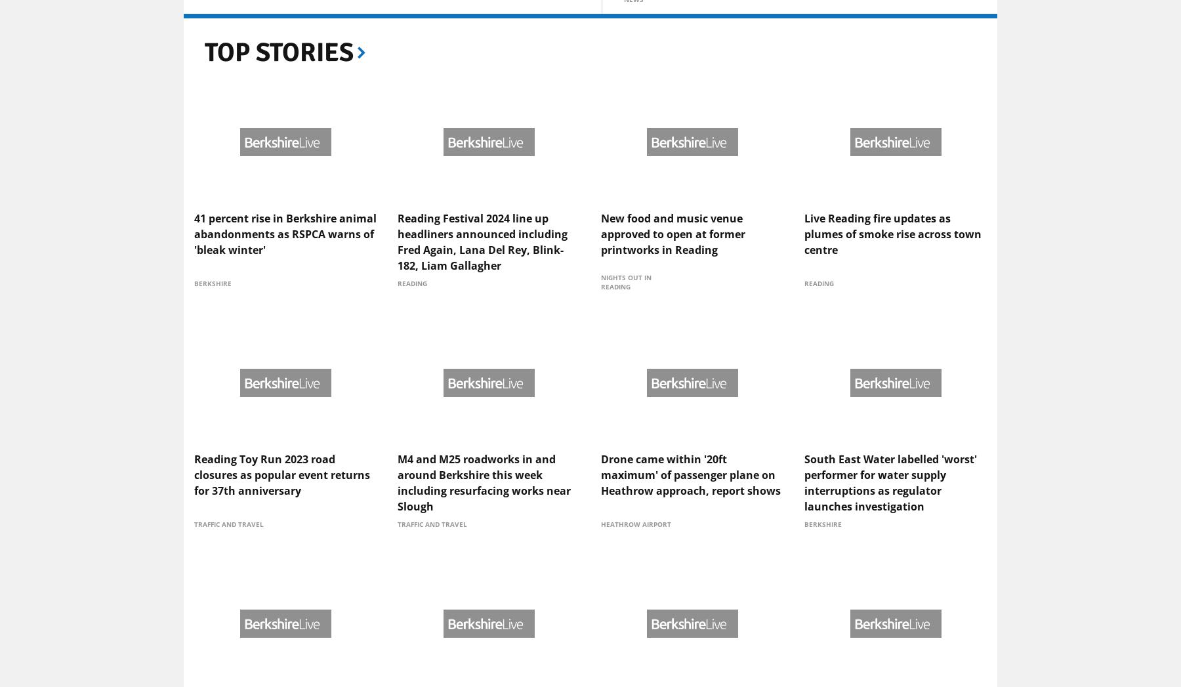 Image resolution: width=1181 pixels, height=687 pixels. I want to click on 'Live Reading fire updates as plumes of smoke rise across town centre', so click(892, 337).